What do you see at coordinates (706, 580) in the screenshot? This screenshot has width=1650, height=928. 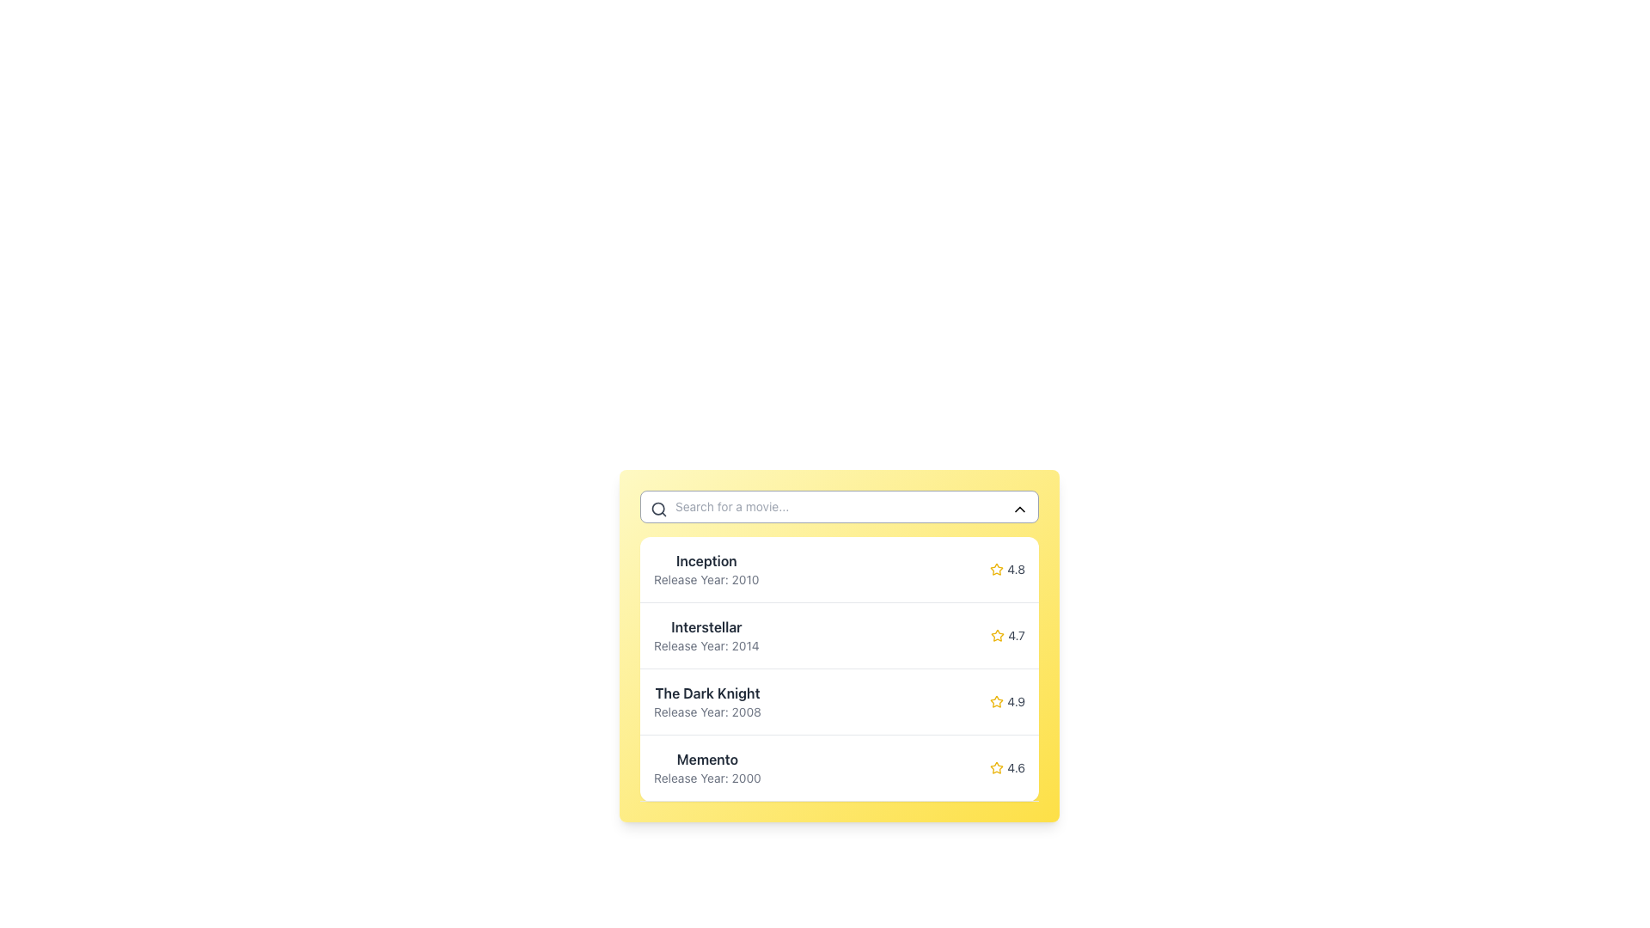 I see `the informational text label displaying the release year of the movie 'Inception', which is located below the movie title and near the search bar` at bounding box center [706, 580].